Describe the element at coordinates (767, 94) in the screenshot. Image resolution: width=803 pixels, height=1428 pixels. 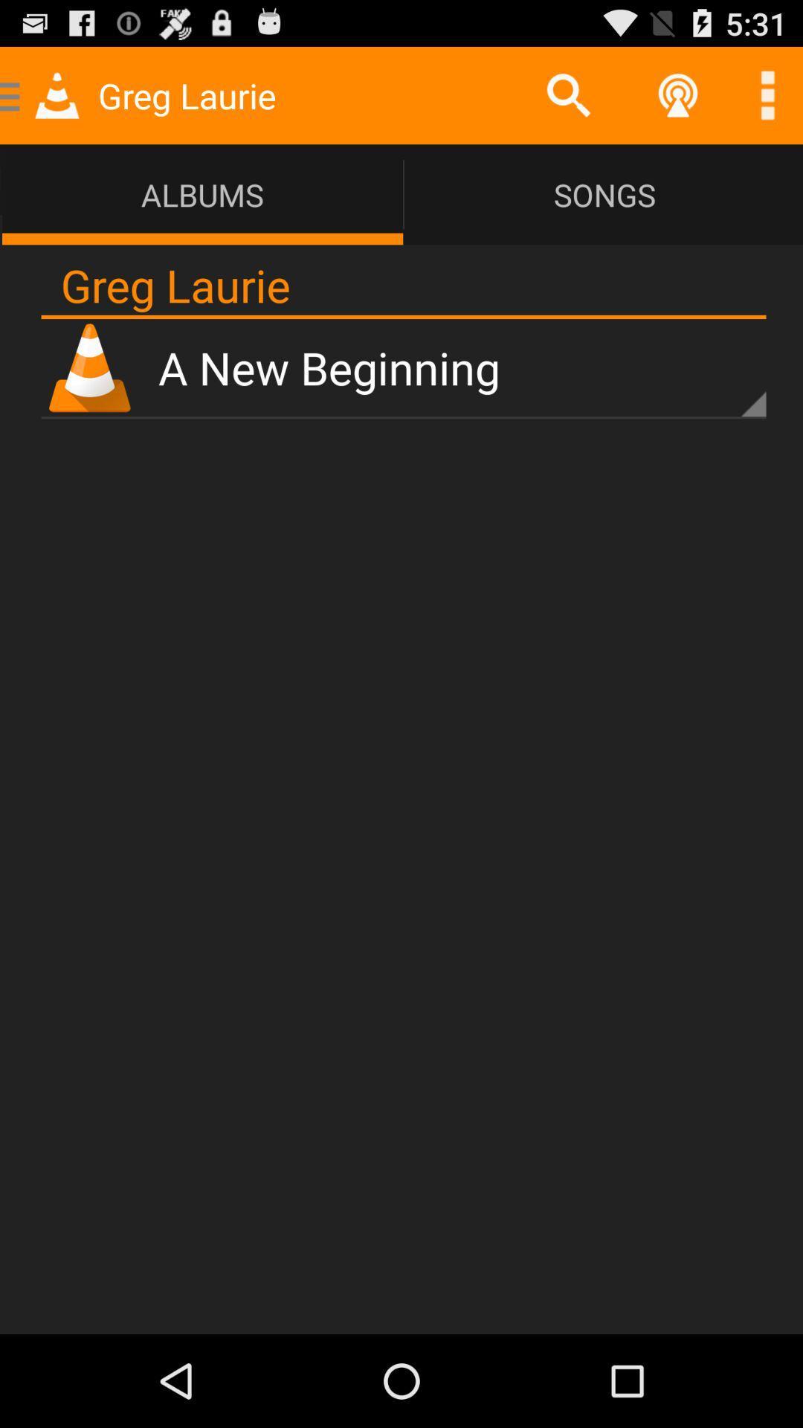
I see `more options` at that location.